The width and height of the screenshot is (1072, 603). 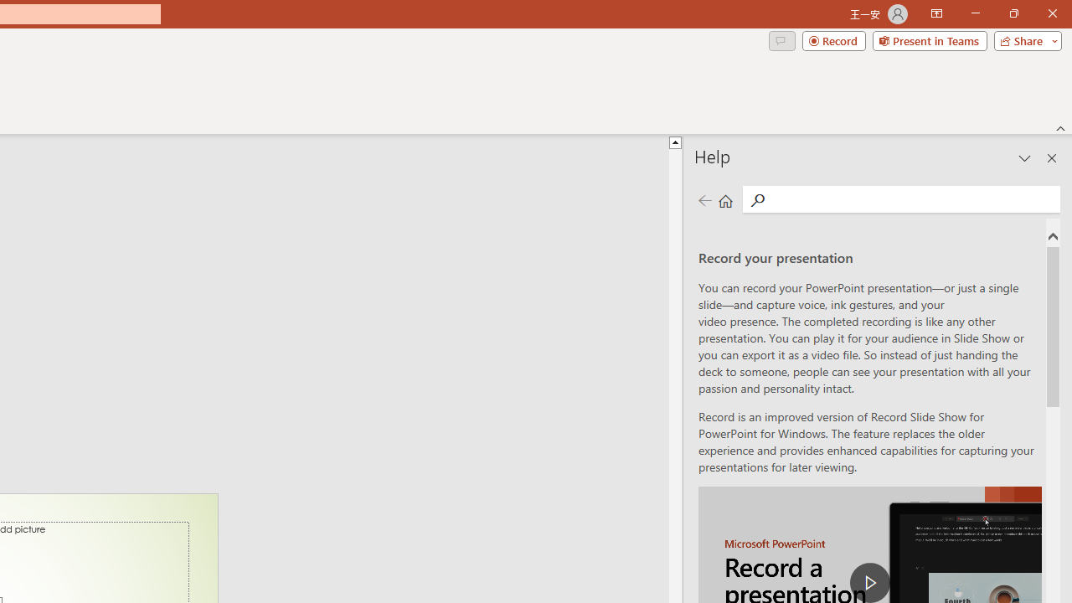 What do you see at coordinates (704, 199) in the screenshot?
I see `'Previous page'` at bounding box center [704, 199].